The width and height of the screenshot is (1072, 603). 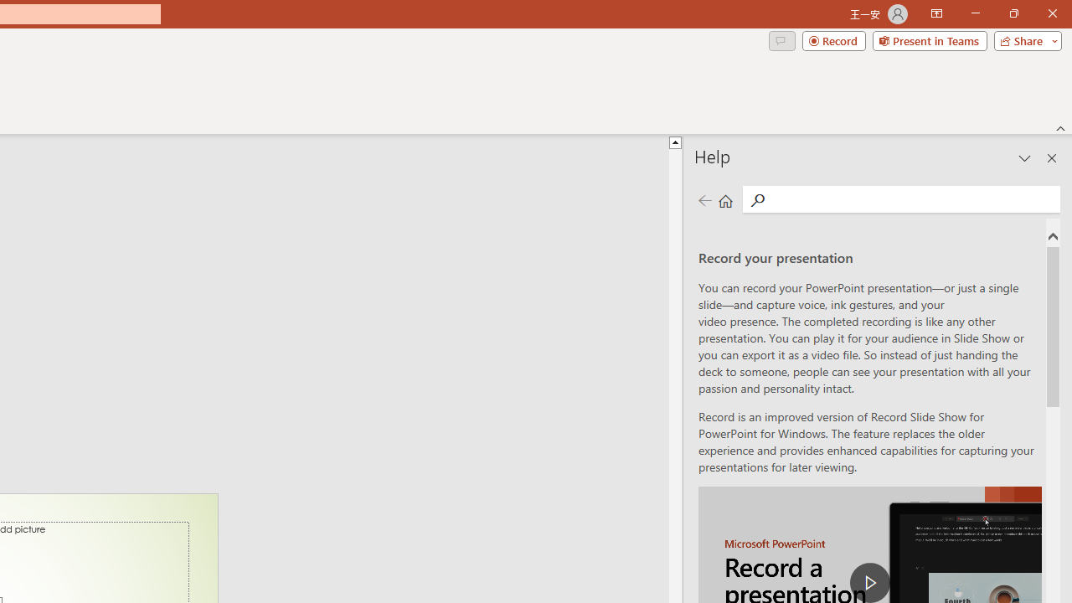 What do you see at coordinates (704, 199) in the screenshot?
I see `'Previous page'` at bounding box center [704, 199].